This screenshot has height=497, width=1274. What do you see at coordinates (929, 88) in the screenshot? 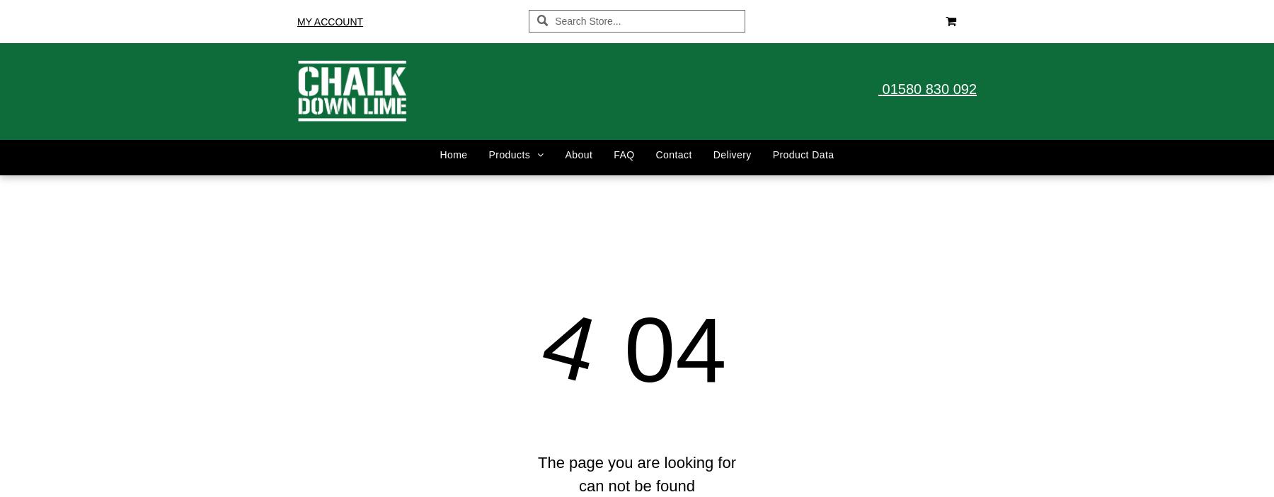
I see `'01580 830 092'` at bounding box center [929, 88].